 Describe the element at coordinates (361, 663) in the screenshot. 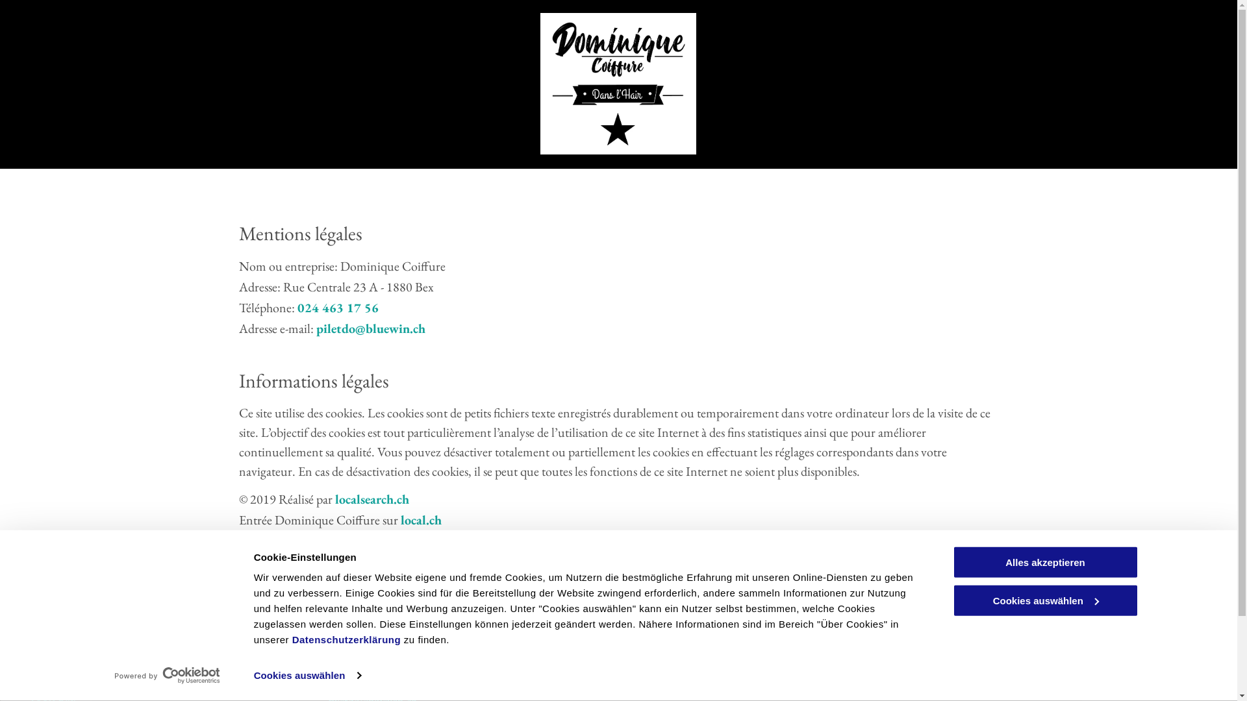

I see `'024 463 17 56'` at that location.